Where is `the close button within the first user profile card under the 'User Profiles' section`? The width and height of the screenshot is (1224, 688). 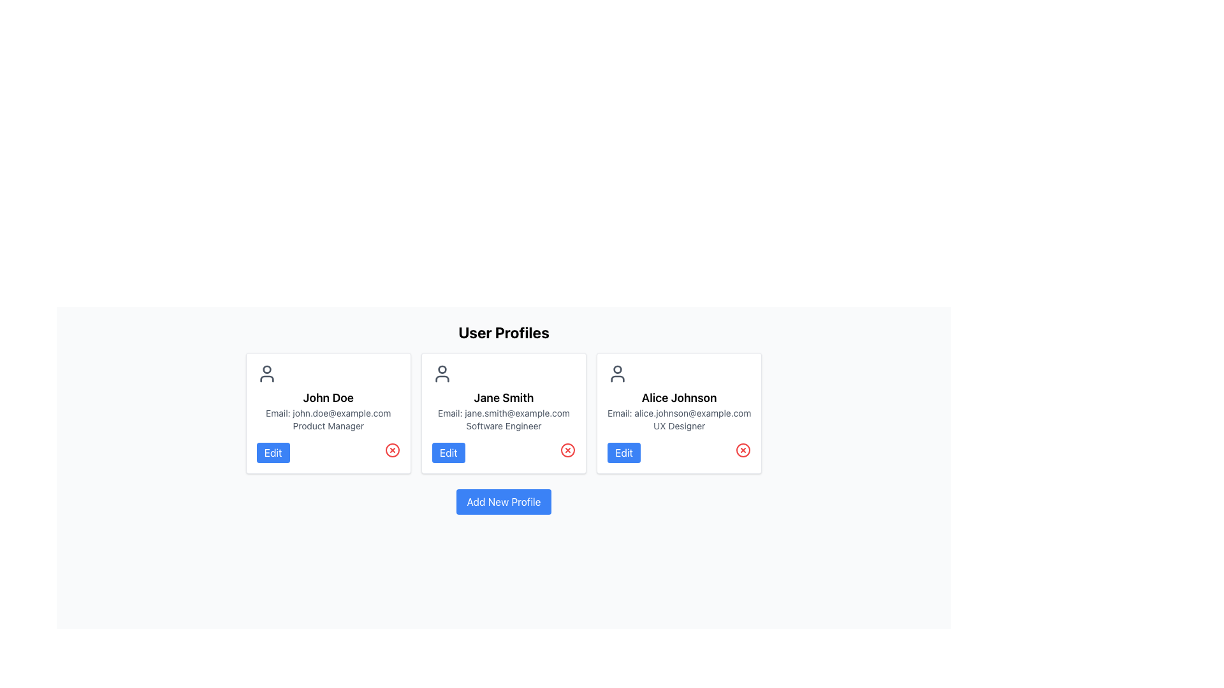 the close button within the first user profile card under the 'User Profiles' section is located at coordinates (391, 449).